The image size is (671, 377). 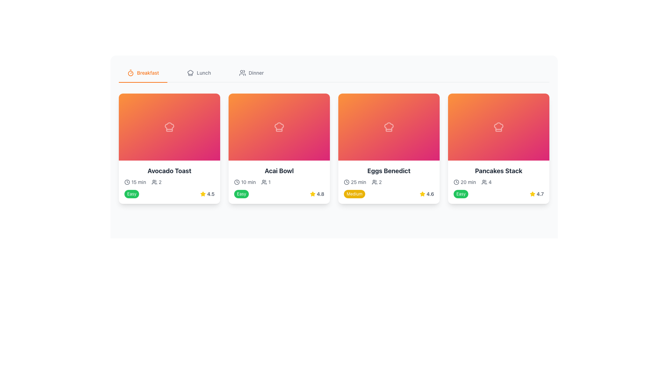 What do you see at coordinates (237, 182) in the screenshot?
I see `the icon representing the 10-minute preparation time for the 'Acai Bowl' card, which is located in the bottom-left corner of the card under the breakfast section` at bounding box center [237, 182].